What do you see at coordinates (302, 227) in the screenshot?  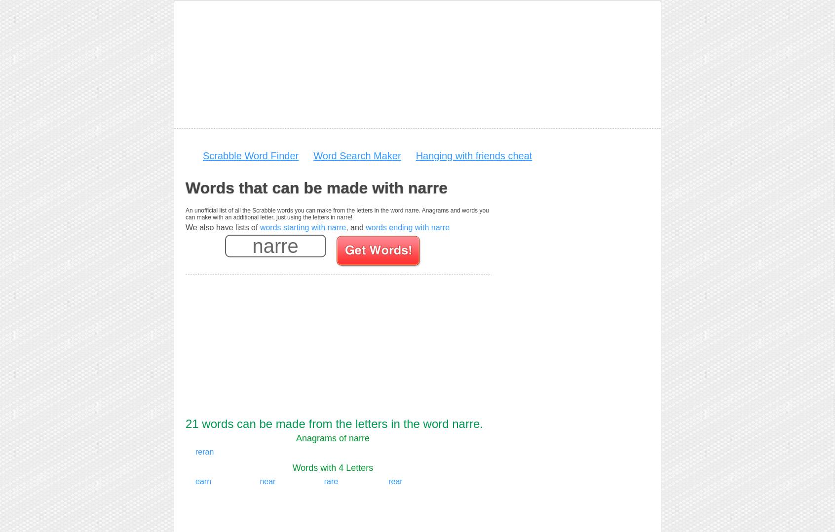 I see `'words starting with narre'` at bounding box center [302, 227].